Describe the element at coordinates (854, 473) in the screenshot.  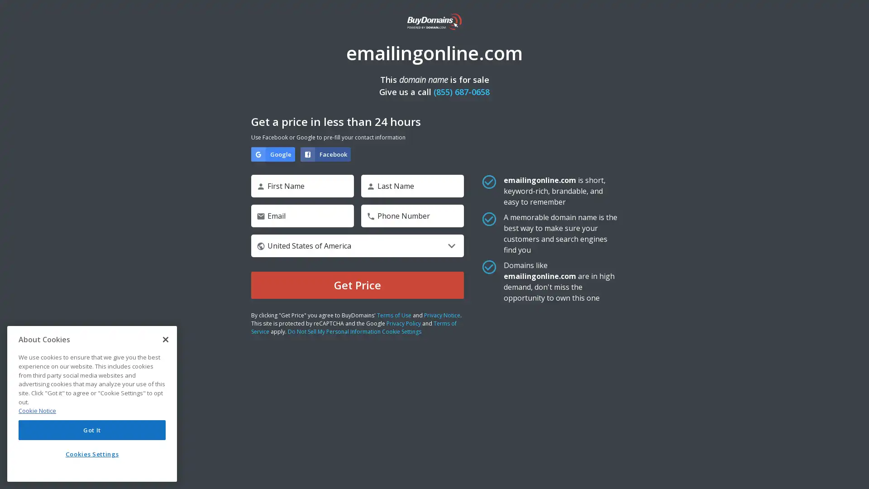
I see `Explore your accessibility options` at that location.